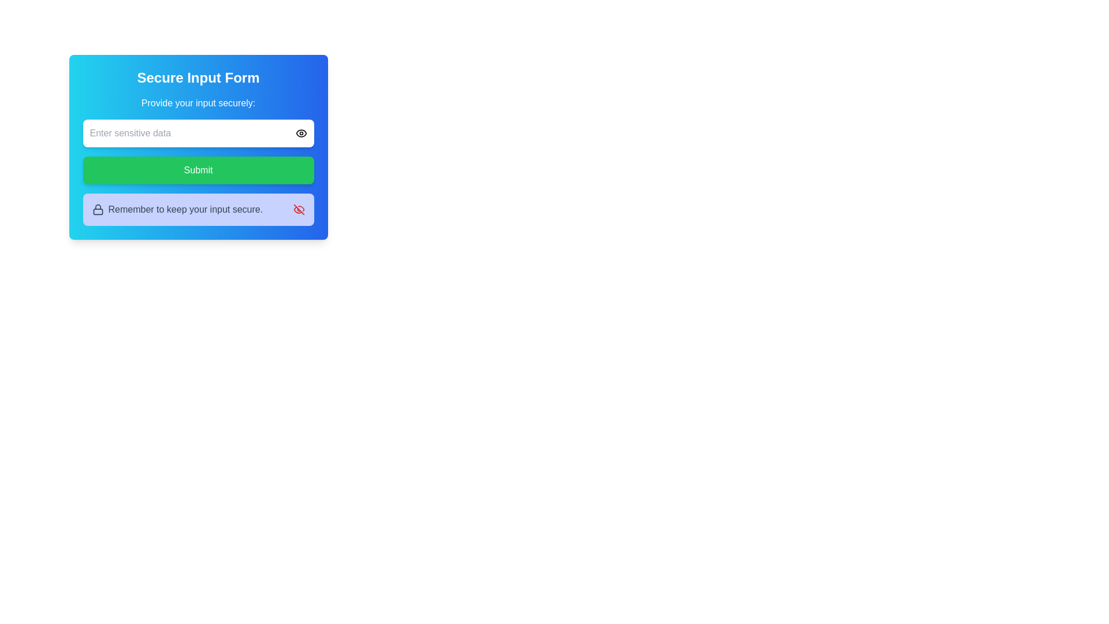  Describe the element at coordinates (98, 211) in the screenshot. I see `the Decorative UI element, which is a rectangular shape located at the base of a lock icon within an SVG, positioned to the left of a security reminder text` at that location.